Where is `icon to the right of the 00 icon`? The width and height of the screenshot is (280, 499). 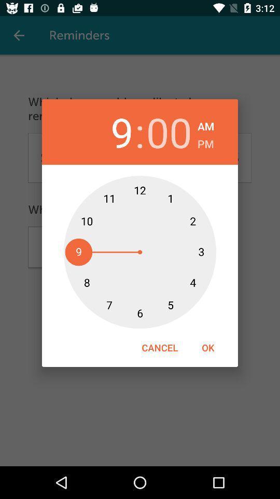 icon to the right of the 00 icon is located at coordinates (206, 125).